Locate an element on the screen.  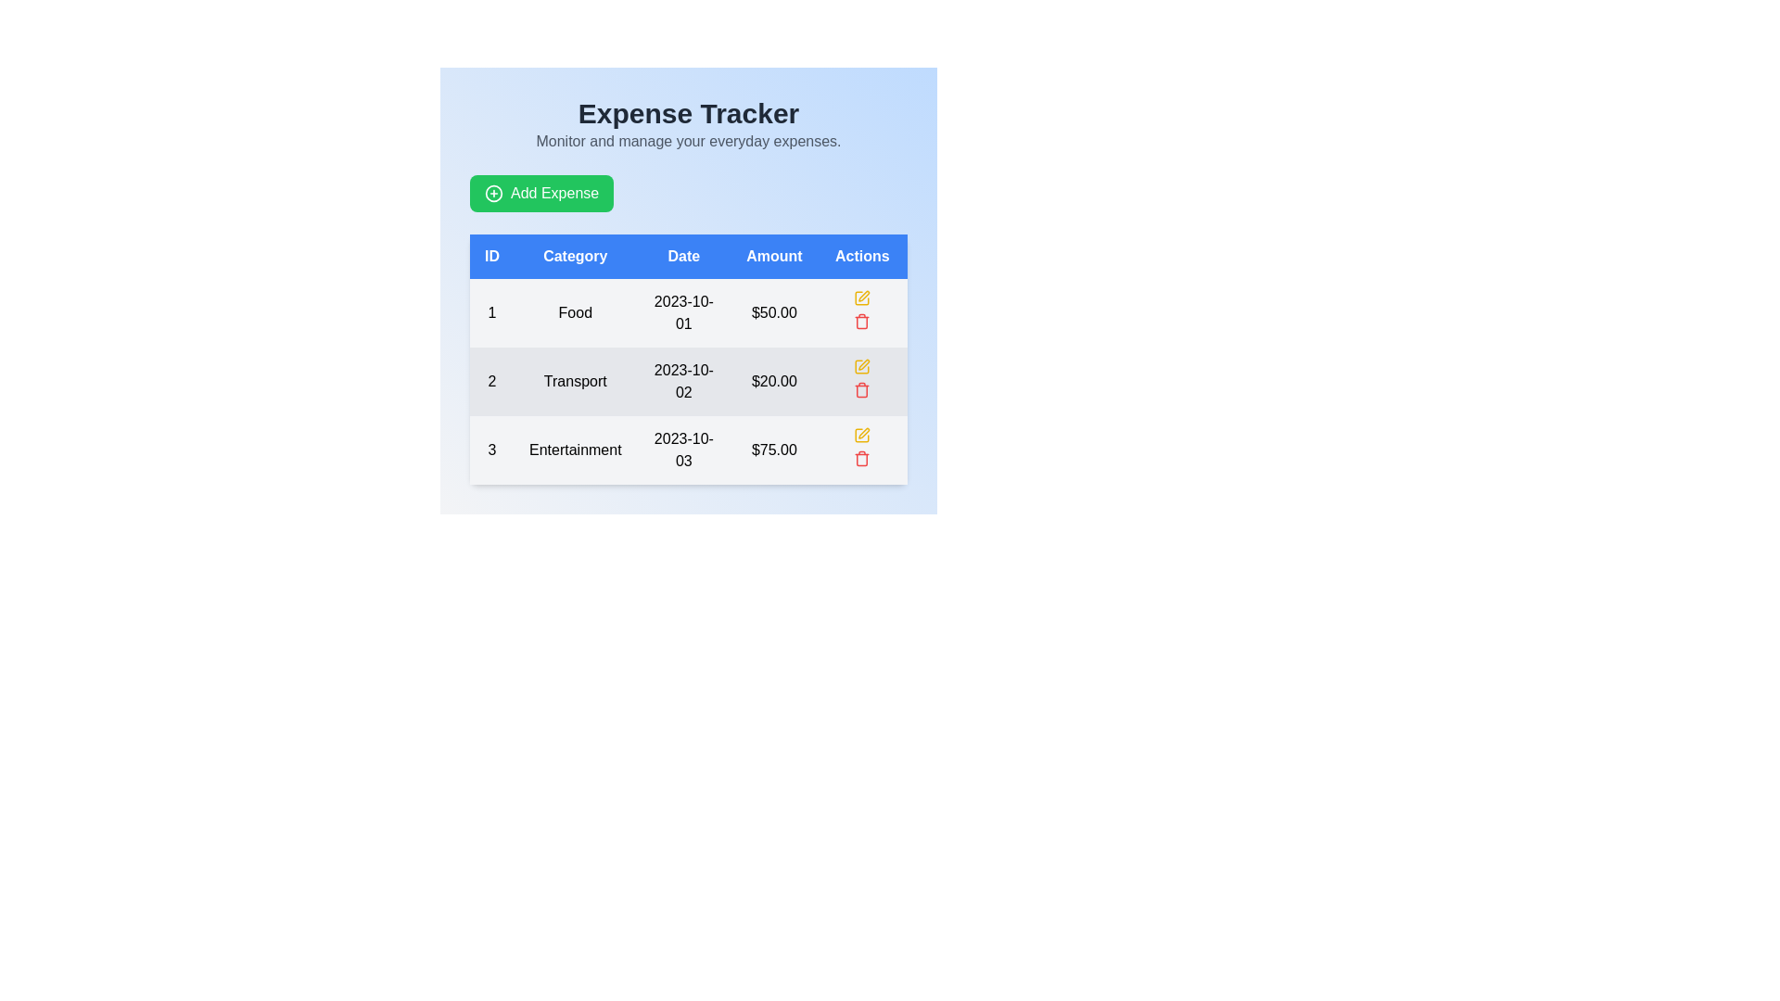
the yellow pen icon button in the 'Actions' column of the first data row is located at coordinates (861, 297).